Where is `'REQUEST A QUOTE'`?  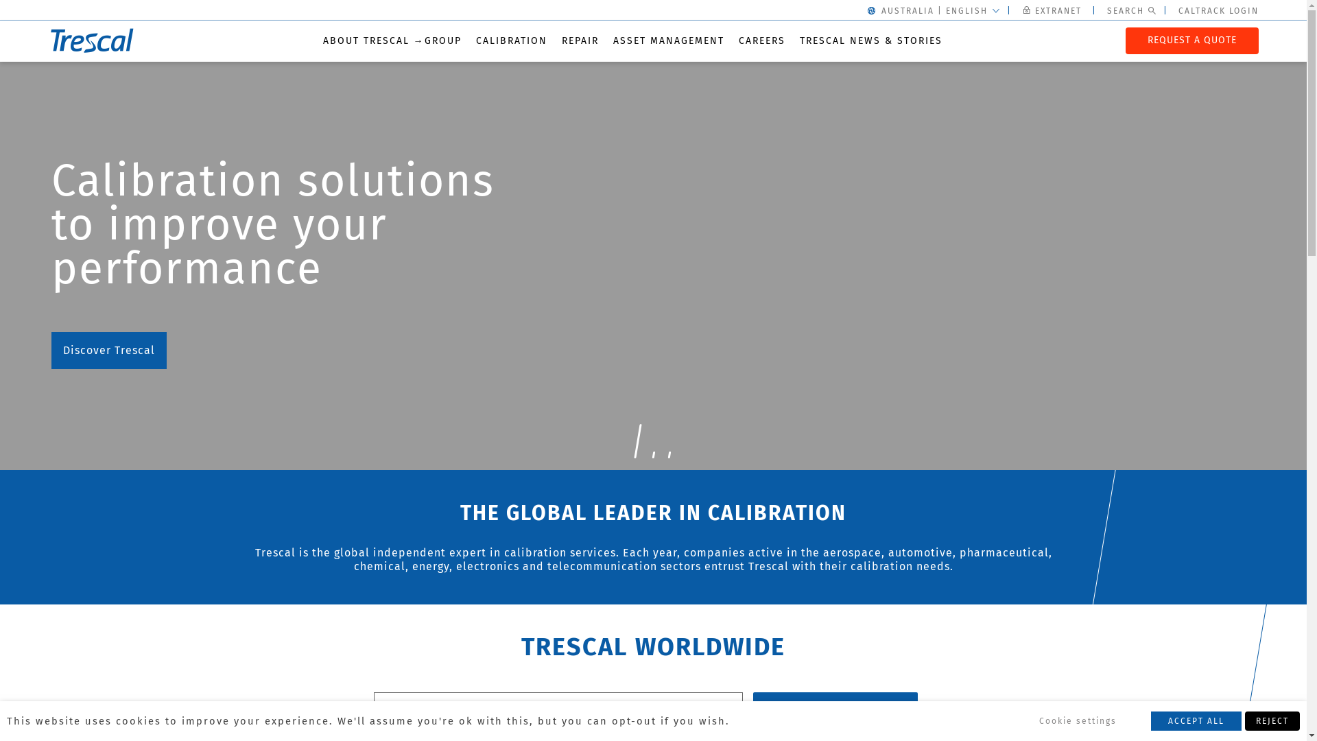 'REQUEST A QUOTE' is located at coordinates (1191, 39).